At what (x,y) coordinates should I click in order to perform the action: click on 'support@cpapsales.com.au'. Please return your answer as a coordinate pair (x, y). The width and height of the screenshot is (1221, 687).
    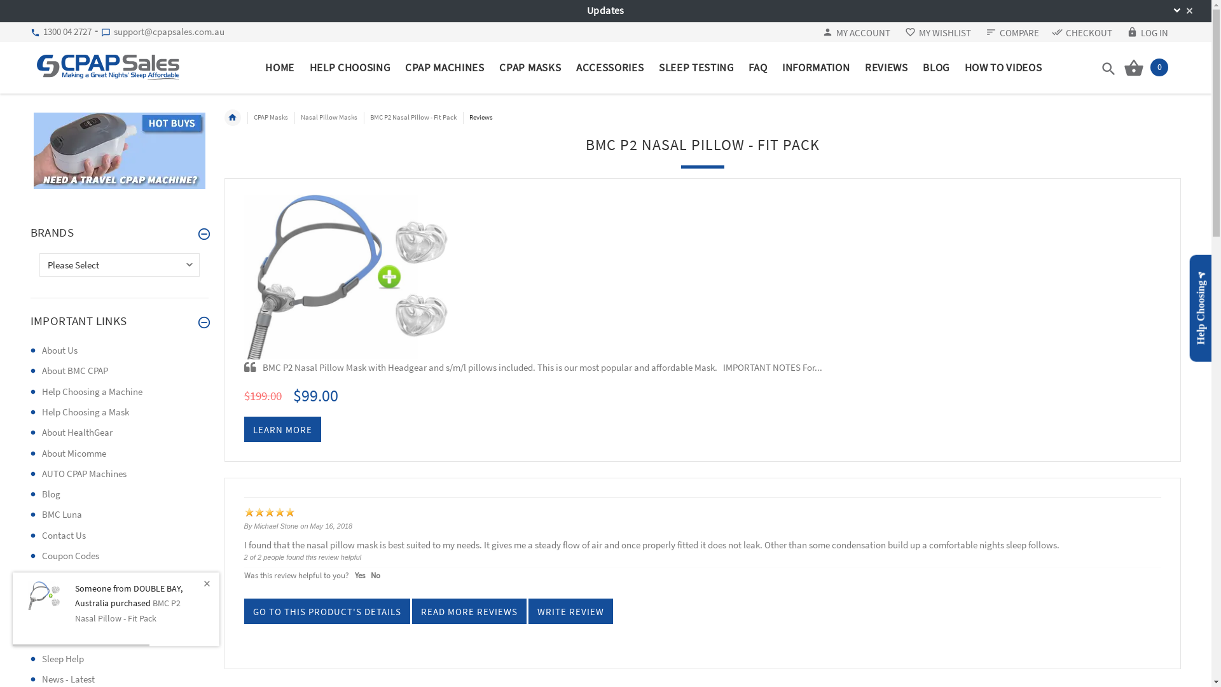
    Looking at the image, I should click on (167, 31).